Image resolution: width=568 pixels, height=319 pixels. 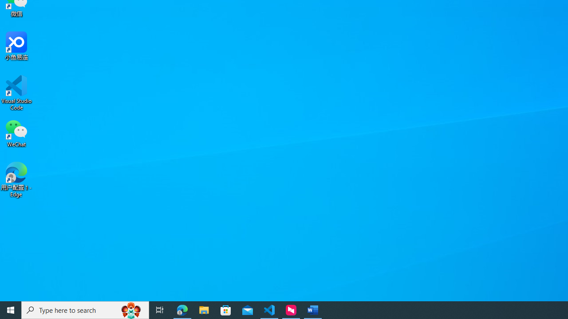 What do you see at coordinates (226, 309) in the screenshot?
I see `'Microsoft Store'` at bounding box center [226, 309].